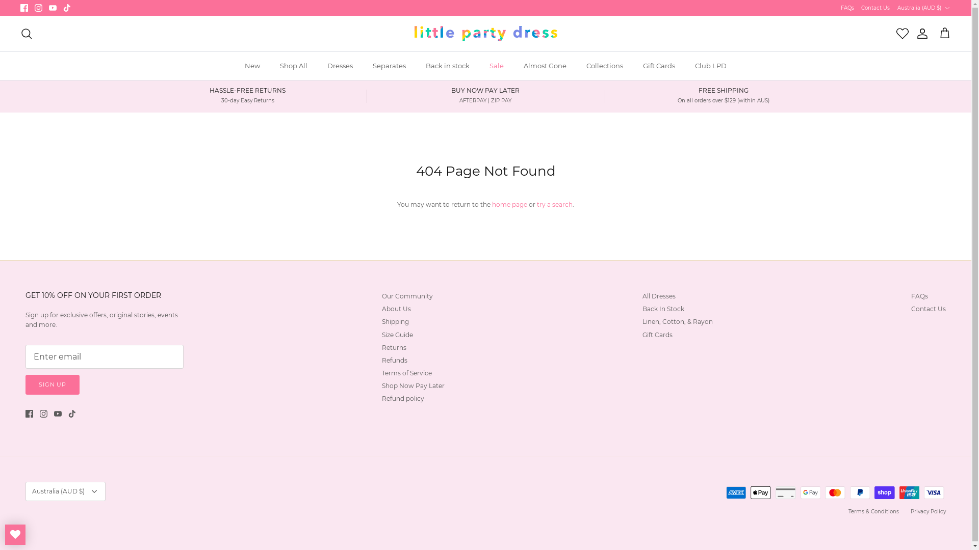 This screenshot has width=979, height=550. I want to click on 'All Dresses', so click(659, 296).